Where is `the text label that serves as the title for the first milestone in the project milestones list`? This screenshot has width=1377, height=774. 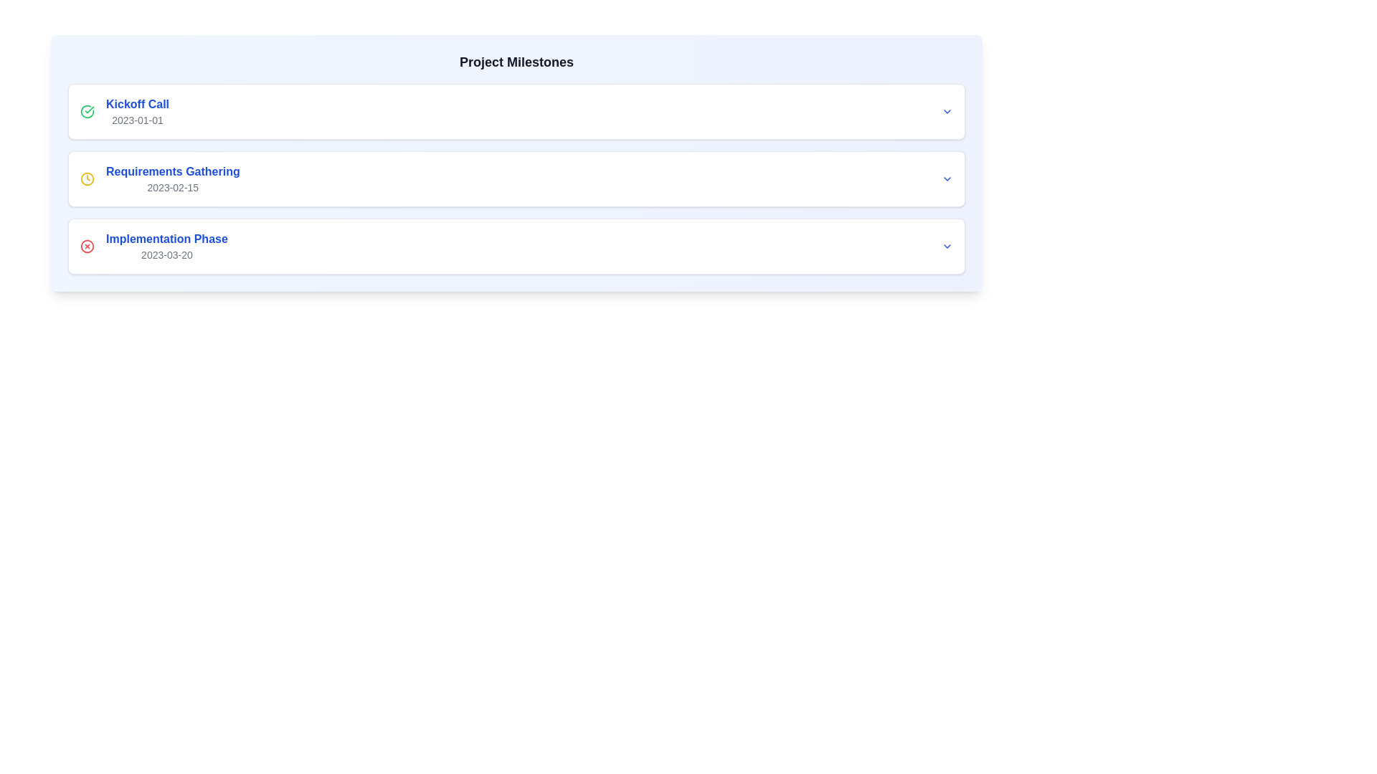 the text label that serves as the title for the first milestone in the project milestones list is located at coordinates (138, 104).